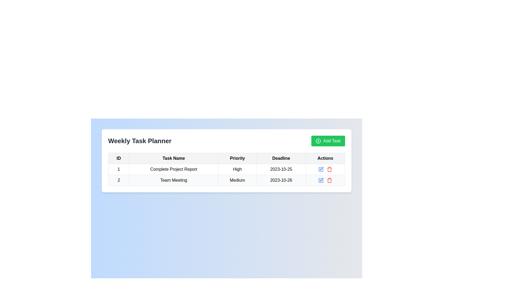 This screenshot has height=289, width=514. What do you see at coordinates (118, 180) in the screenshot?
I see `the static text display element in the first cell of the second row of the table, which shows the identifier number '2'` at bounding box center [118, 180].